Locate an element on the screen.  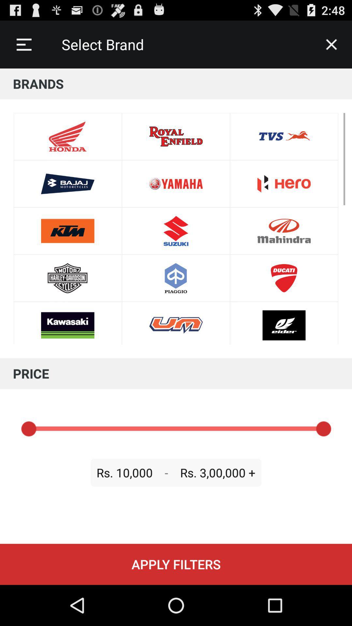
apply filters item is located at coordinates (176, 564).